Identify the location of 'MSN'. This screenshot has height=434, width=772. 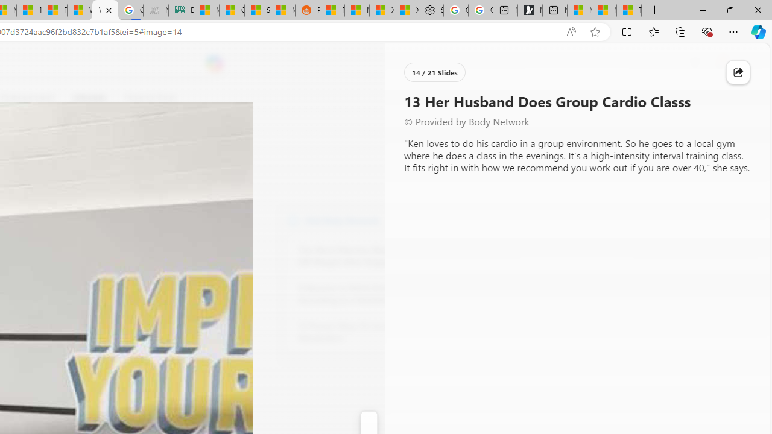
(282, 10).